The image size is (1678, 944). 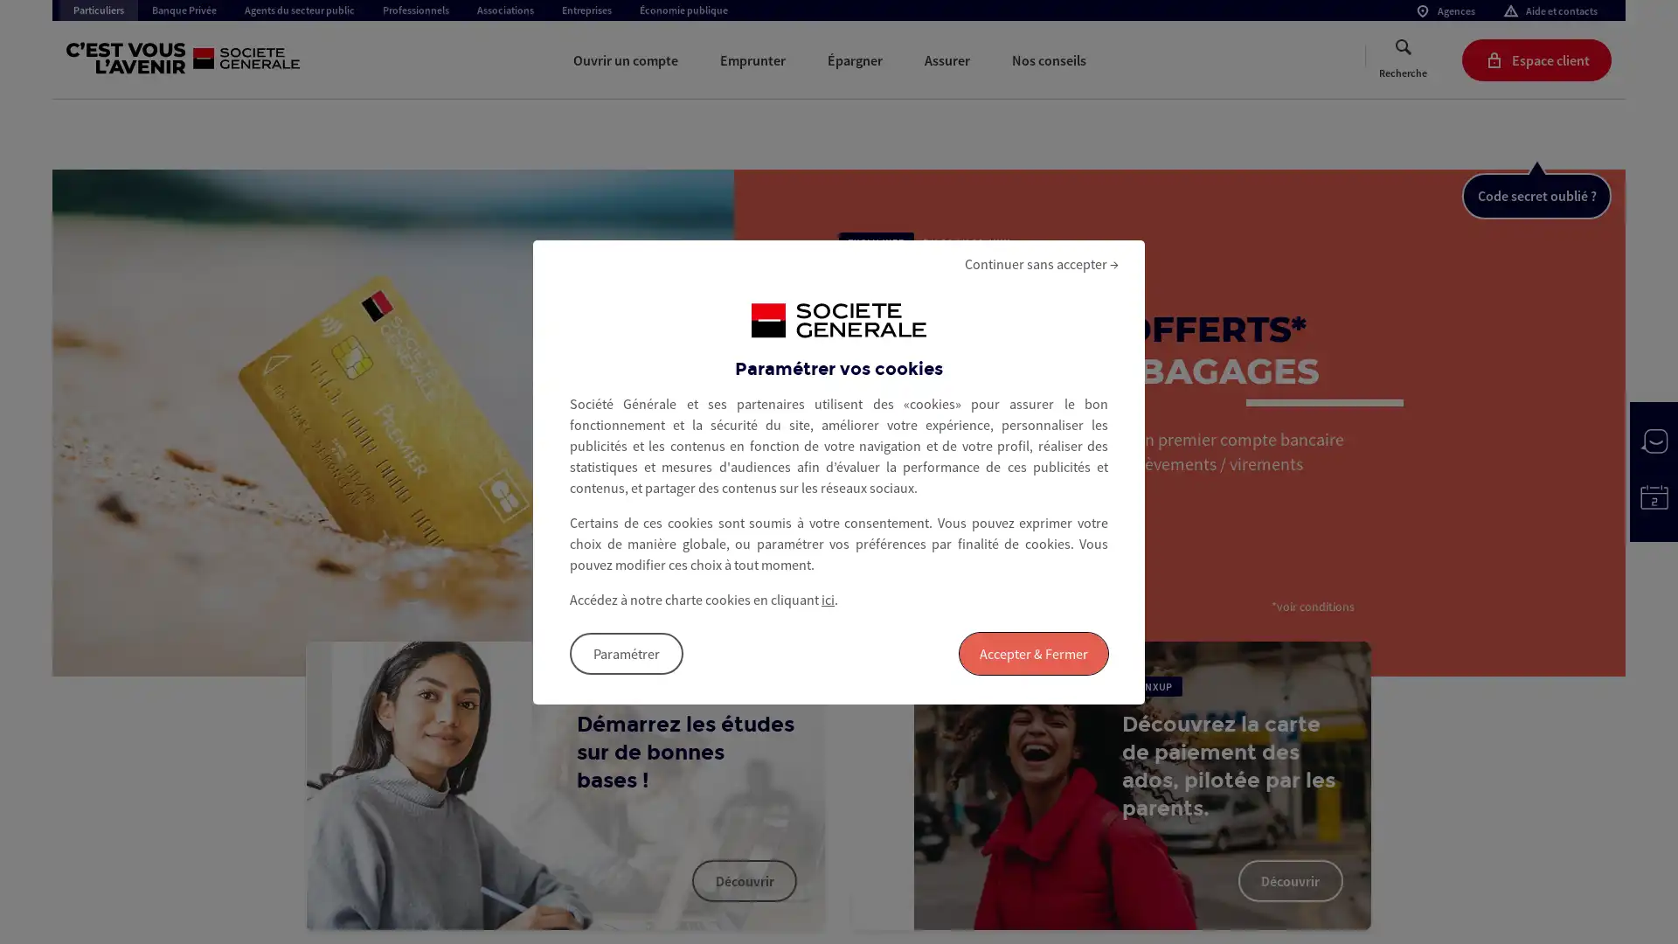 I want to click on PARTENARIAT ECOLES Demarrez les etudes sur de bonnes bases ! Decouvrir Demarrez les etudes sur de bonnes bases, so click(x=565, y=784).